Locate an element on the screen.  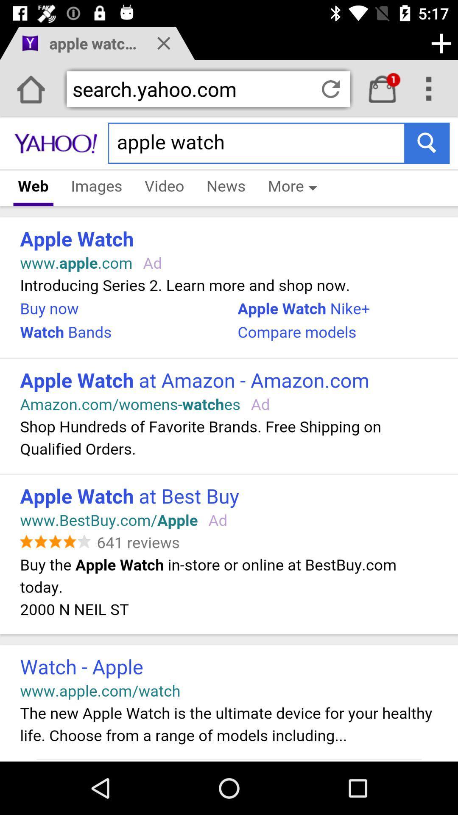
new tab is located at coordinates (441, 43).